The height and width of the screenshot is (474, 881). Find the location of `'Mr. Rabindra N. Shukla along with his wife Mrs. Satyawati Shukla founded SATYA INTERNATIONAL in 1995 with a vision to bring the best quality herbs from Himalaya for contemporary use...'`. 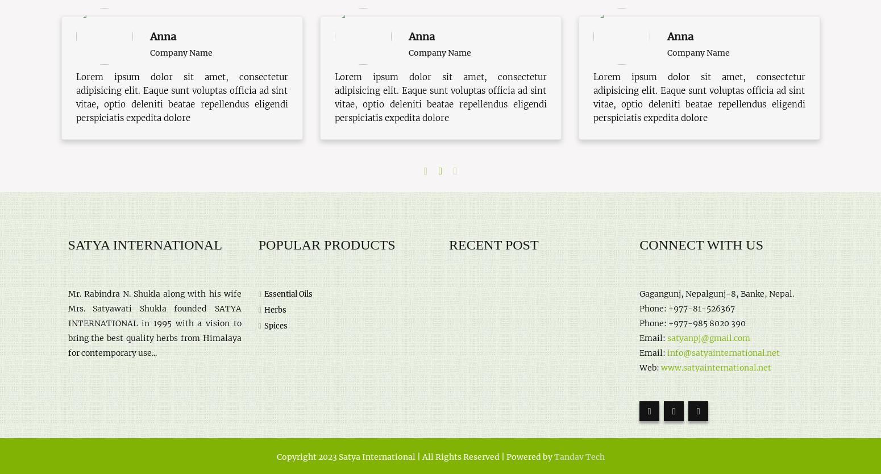

'Mr. Rabindra N. Shukla along with his wife Mrs. Satyawati Shukla founded SATYA INTERNATIONAL in 1995 with a vision to bring the best quality herbs from Himalaya for contemporary use...' is located at coordinates (68, 323).